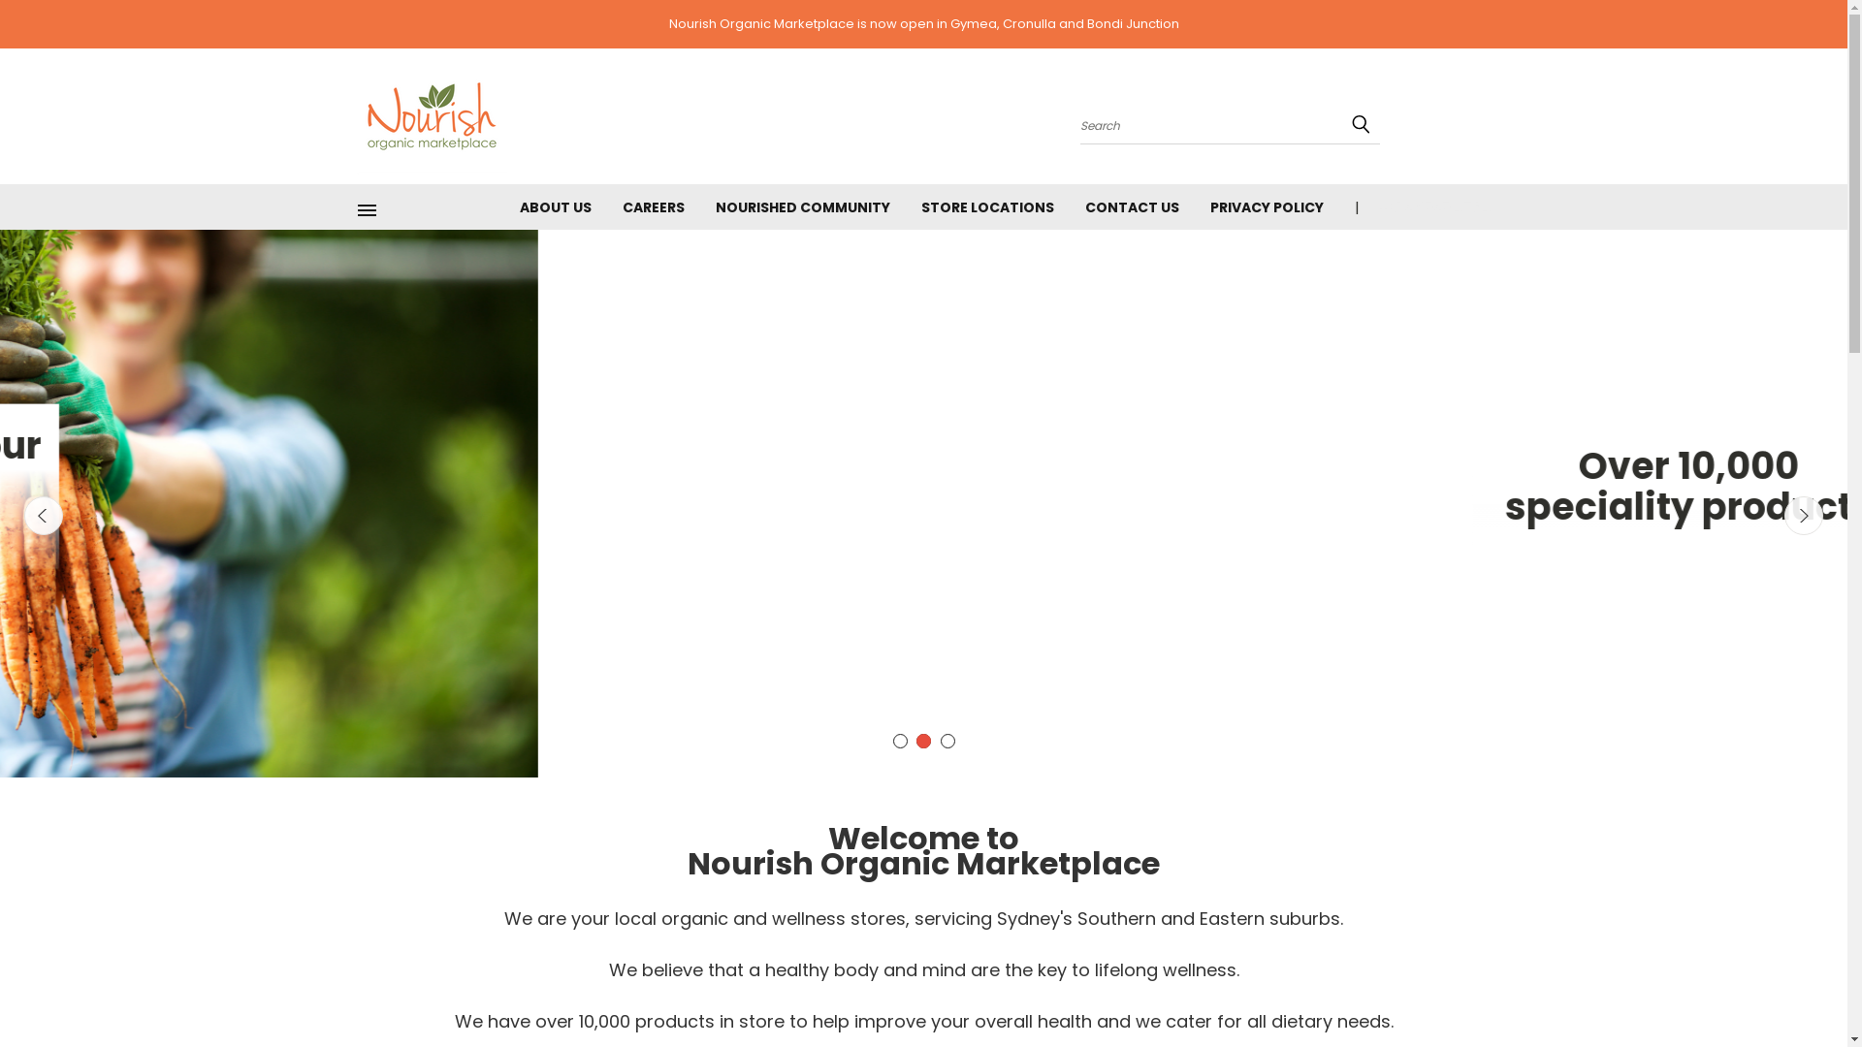 The height and width of the screenshot is (1047, 1862). Describe the element at coordinates (987, 206) in the screenshot. I see `'STORE LOCATIONS'` at that location.